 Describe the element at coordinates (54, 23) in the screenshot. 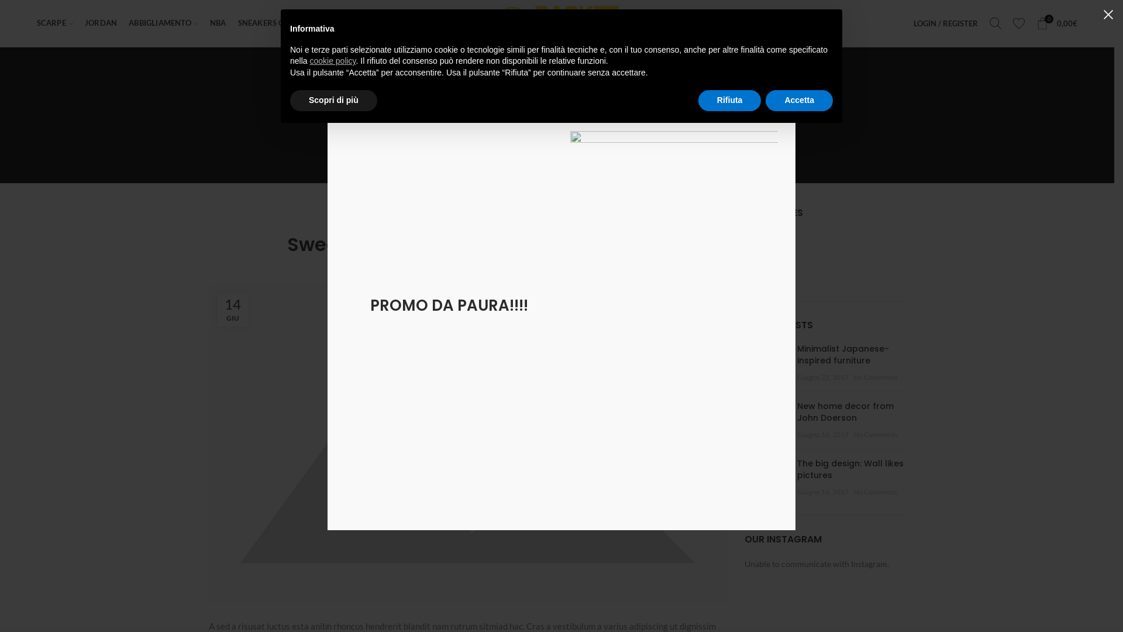

I see `'SCARPE'` at that location.